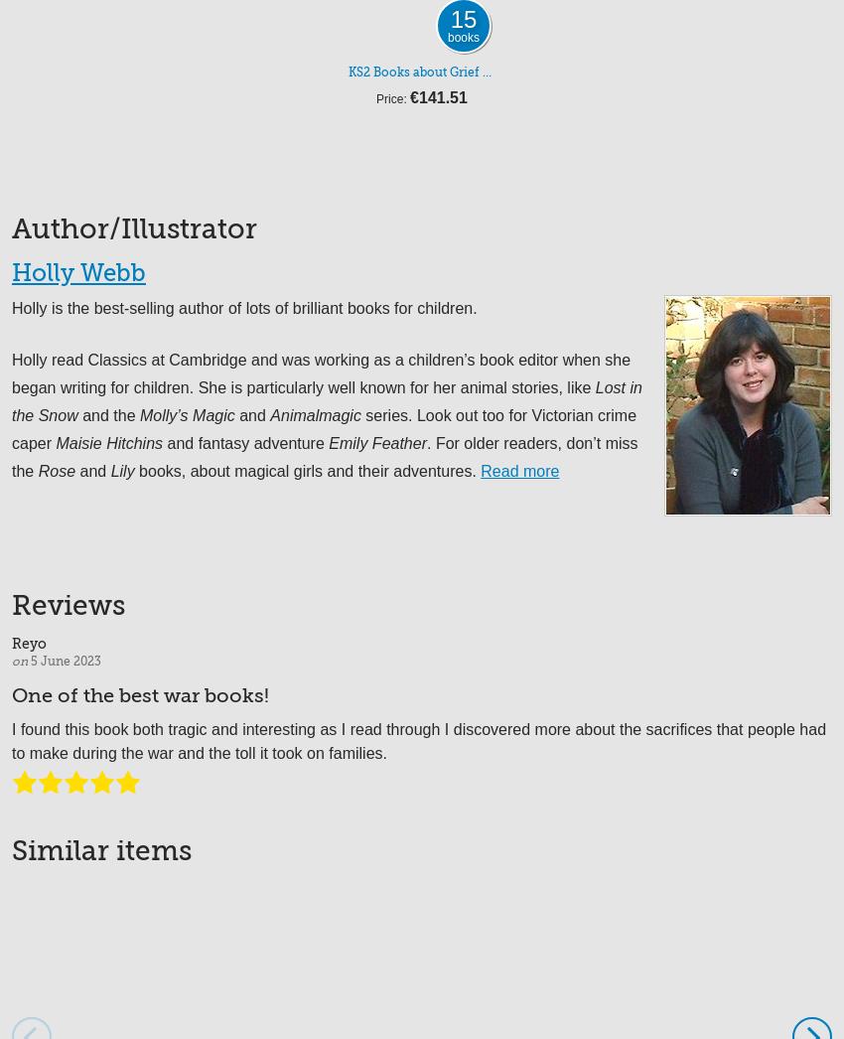 The image size is (844, 1039). Describe the element at coordinates (57, 471) in the screenshot. I see `'Rose'` at that location.